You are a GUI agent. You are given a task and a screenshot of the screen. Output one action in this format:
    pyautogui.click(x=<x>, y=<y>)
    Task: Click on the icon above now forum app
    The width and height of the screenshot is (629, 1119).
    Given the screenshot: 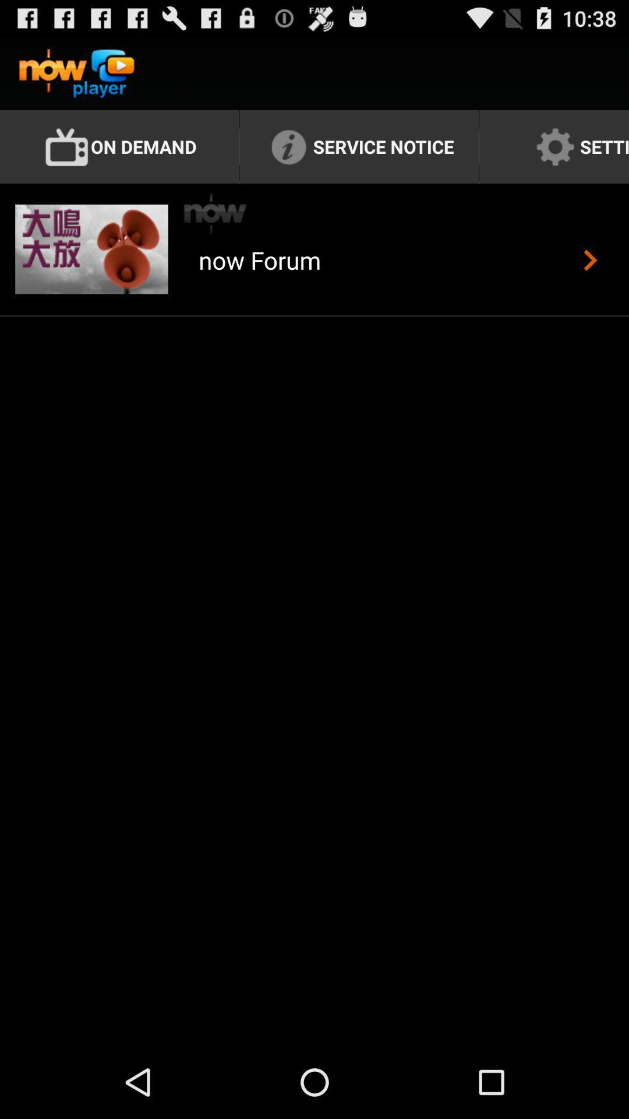 What is the action you would take?
    pyautogui.click(x=215, y=213)
    